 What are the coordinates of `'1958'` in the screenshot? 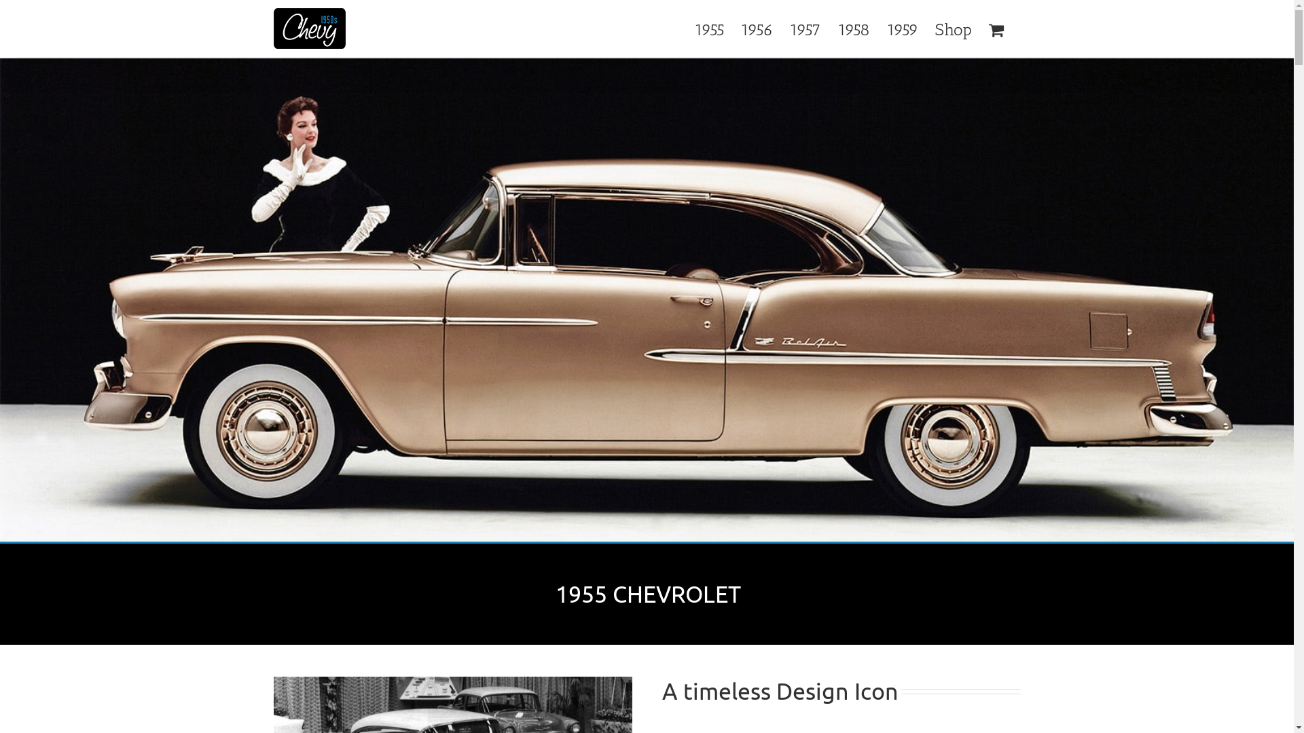 It's located at (853, 29).